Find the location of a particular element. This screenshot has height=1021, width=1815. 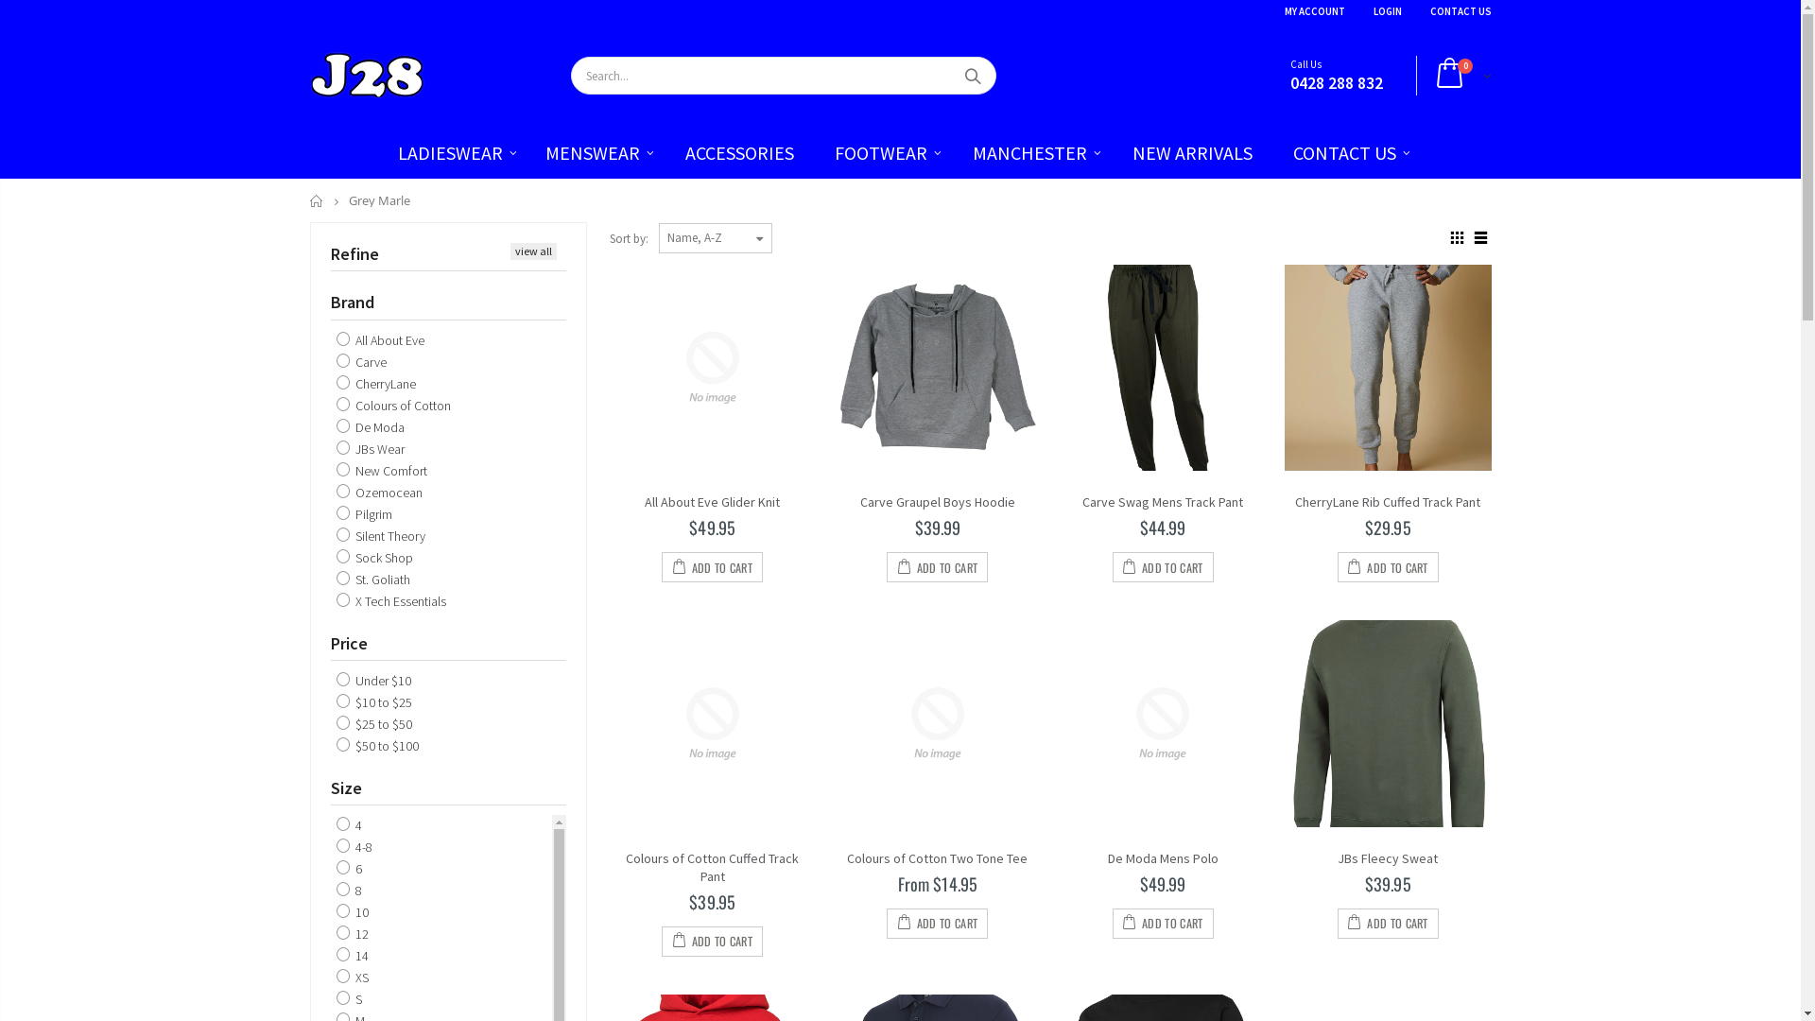

'MENSWEAR' is located at coordinates (593, 152).